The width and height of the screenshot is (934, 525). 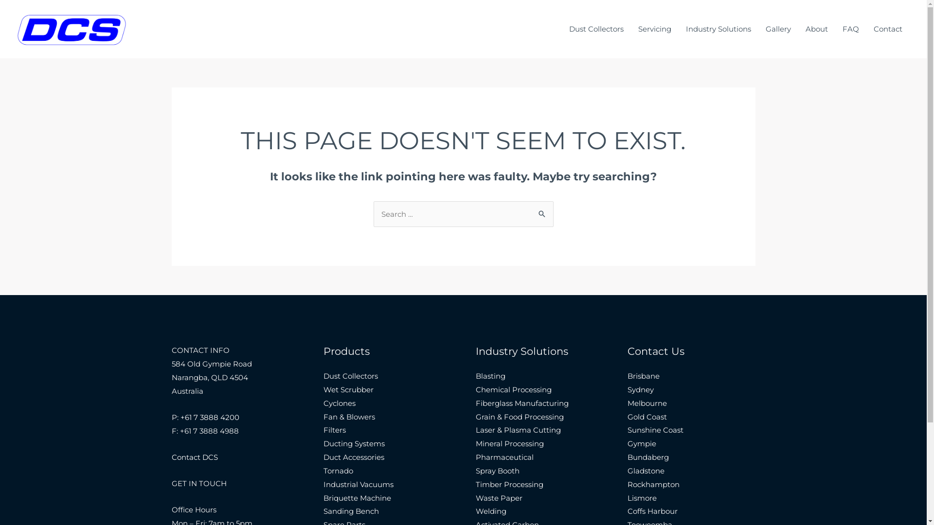 I want to click on 'Dust Collectors', so click(x=595, y=29).